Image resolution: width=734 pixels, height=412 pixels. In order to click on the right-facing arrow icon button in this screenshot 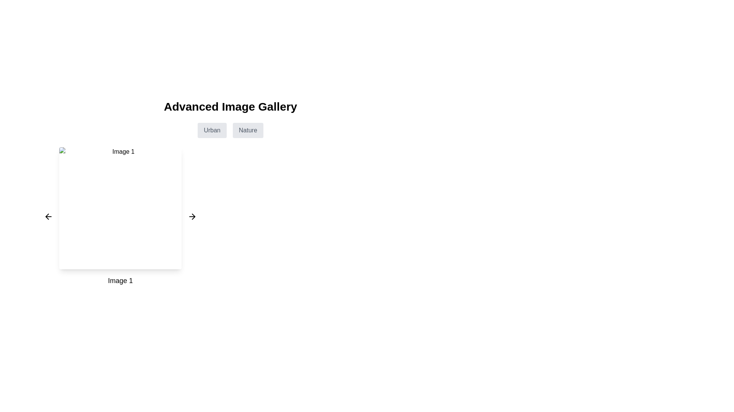, I will do `click(192, 216)`.